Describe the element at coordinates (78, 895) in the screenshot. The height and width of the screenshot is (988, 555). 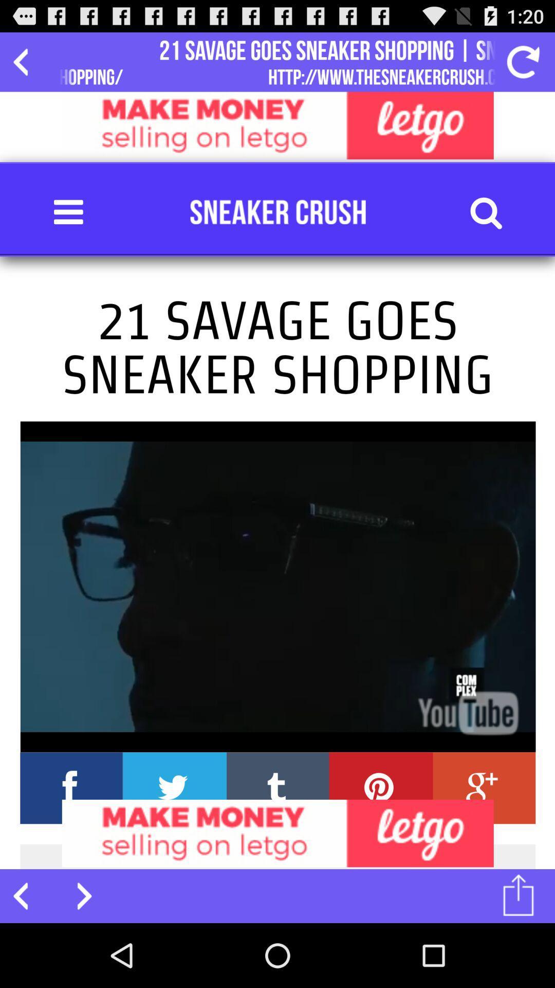
I see `next page` at that location.